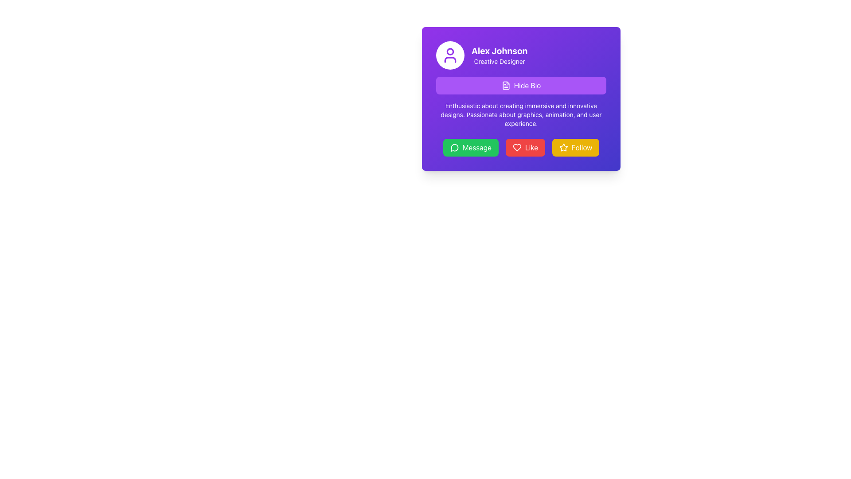 This screenshot has width=851, height=479. Describe the element at coordinates (521, 102) in the screenshot. I see `descriptive text underneath the 'Hide Bio' button in the compound component with a purple gradient background, located in the middle section of the card for 'Alex Johnson Creative Designer'` at that location.